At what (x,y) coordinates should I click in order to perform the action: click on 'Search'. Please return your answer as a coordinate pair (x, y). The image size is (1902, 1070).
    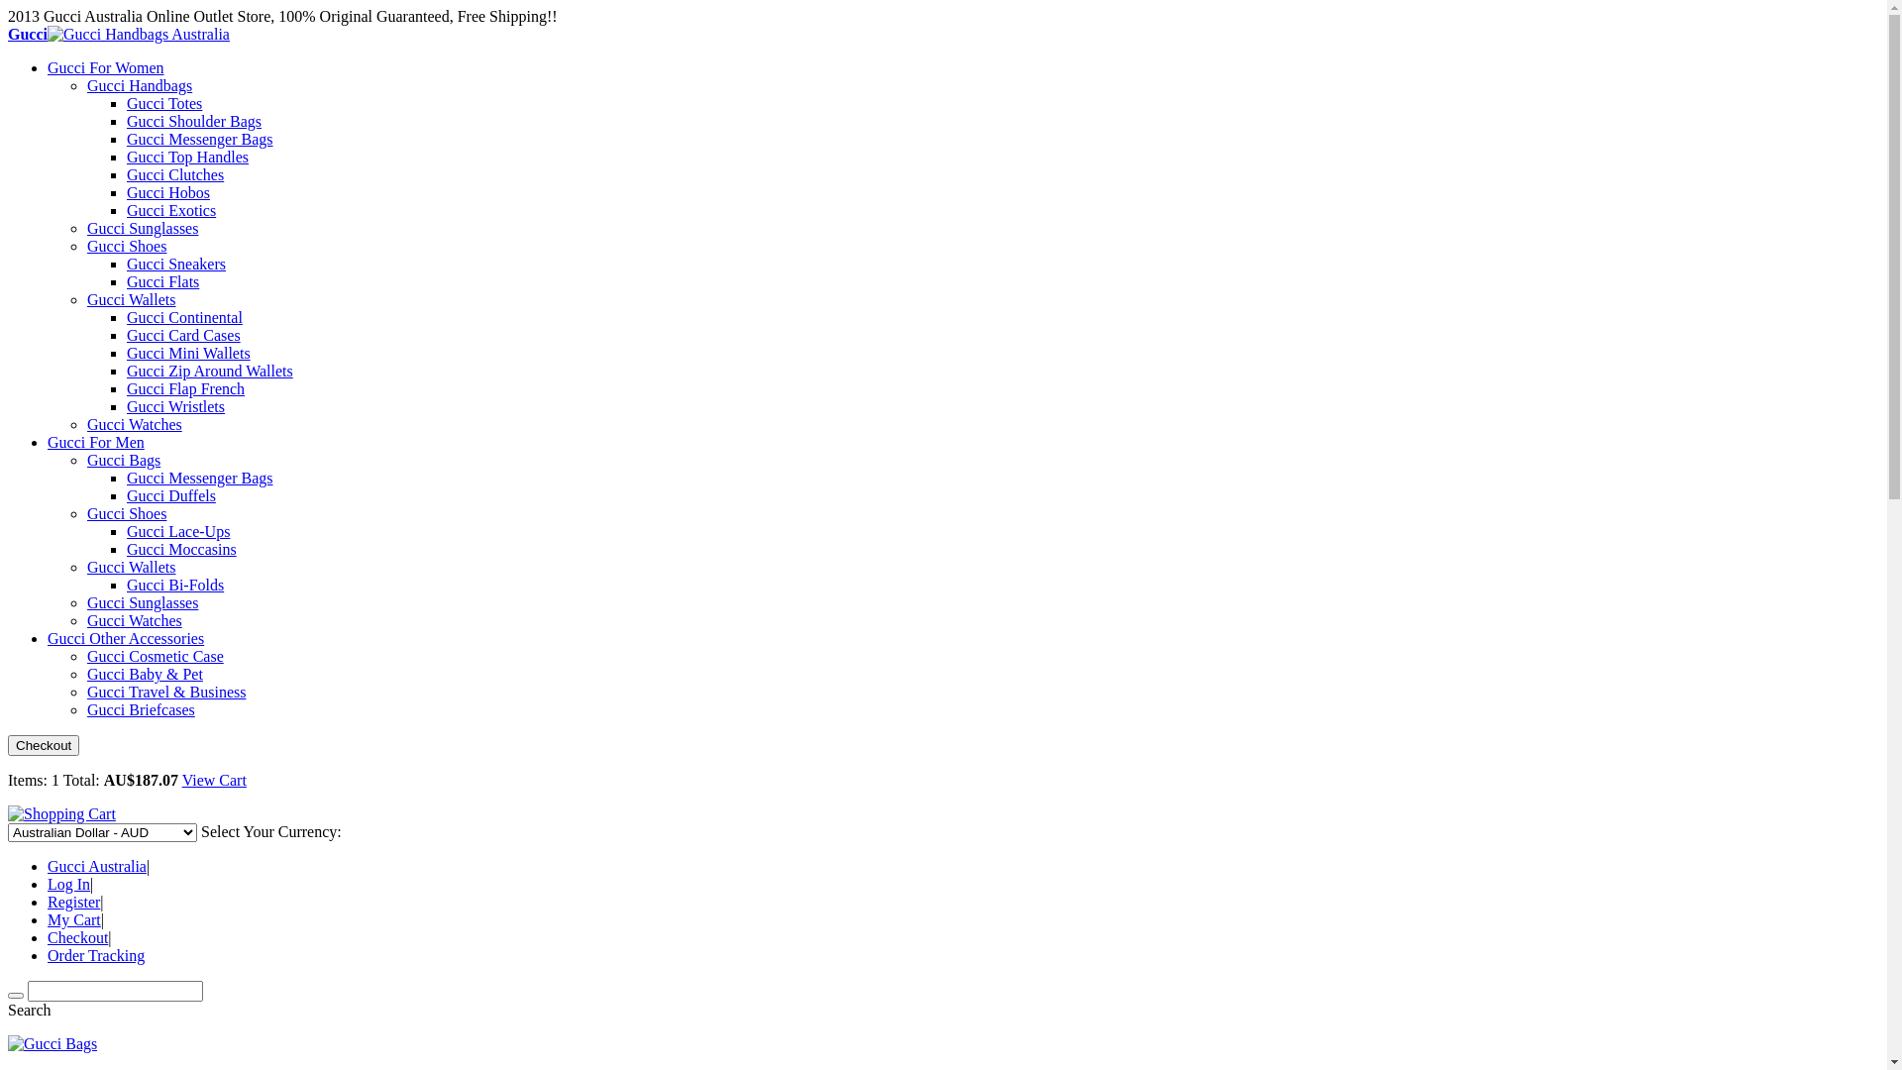
    Looking at the image, I should click on (15, 996).